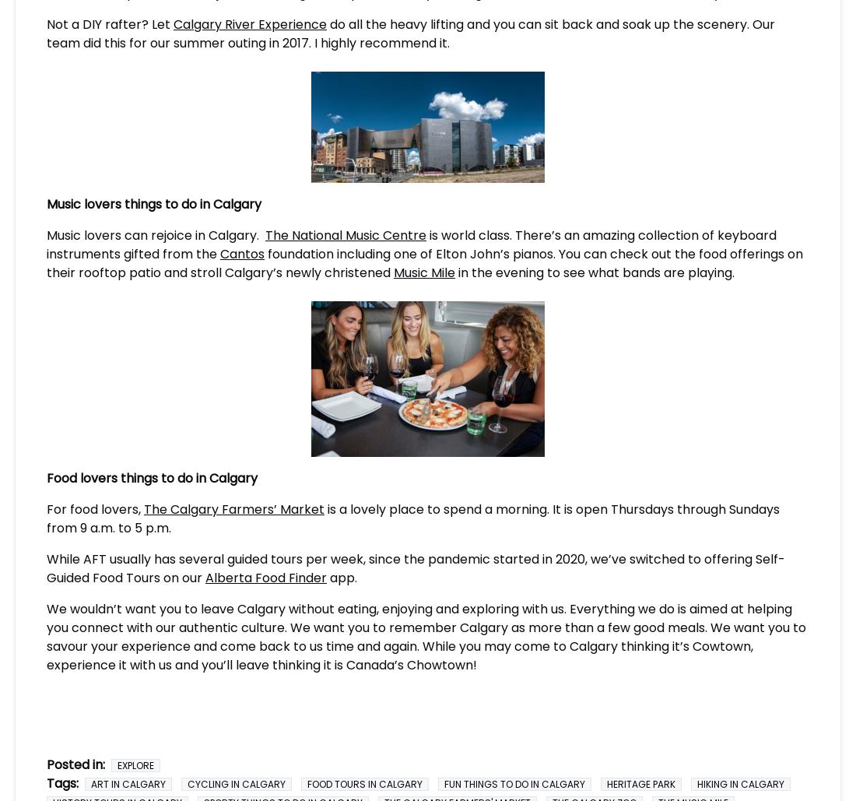 This screenshot has height=801, width=856. I want to click on 'For food lovers,', so click(95, 508).